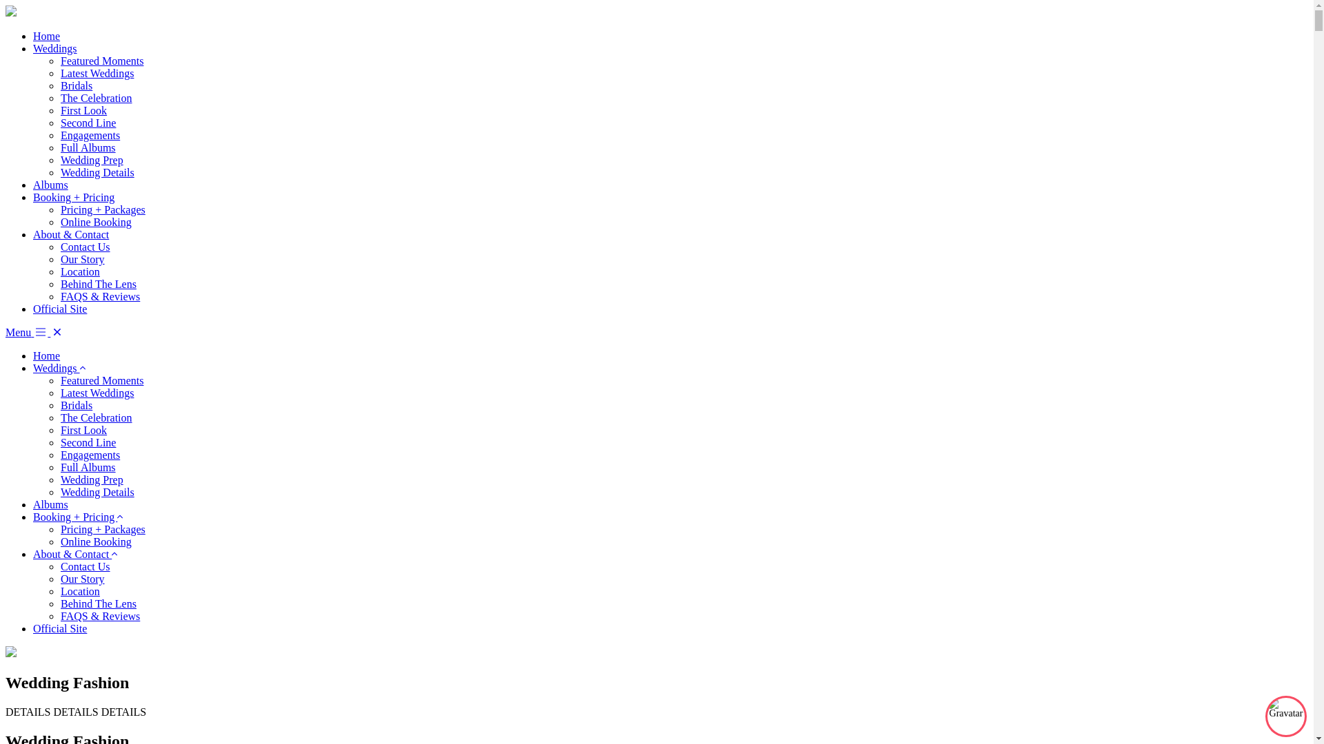  Describe the element at coordinates (97, 491) in the screenshot. I see `'Wedding Details'` at that location.